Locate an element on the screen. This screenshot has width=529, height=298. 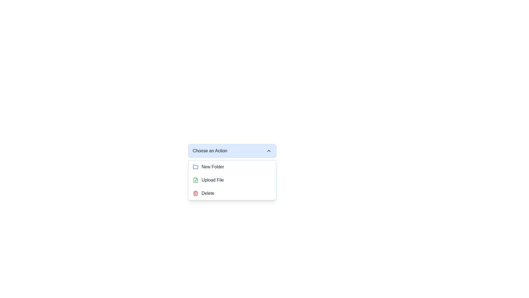
the second option in the 'Choose an Action' menu is located at coordinates (232, 180).